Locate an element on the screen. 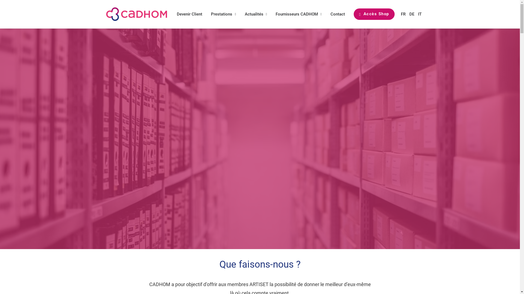 The width and height of the screenshot is (524, 294). 'FR' is located at coordinates (403, 14).